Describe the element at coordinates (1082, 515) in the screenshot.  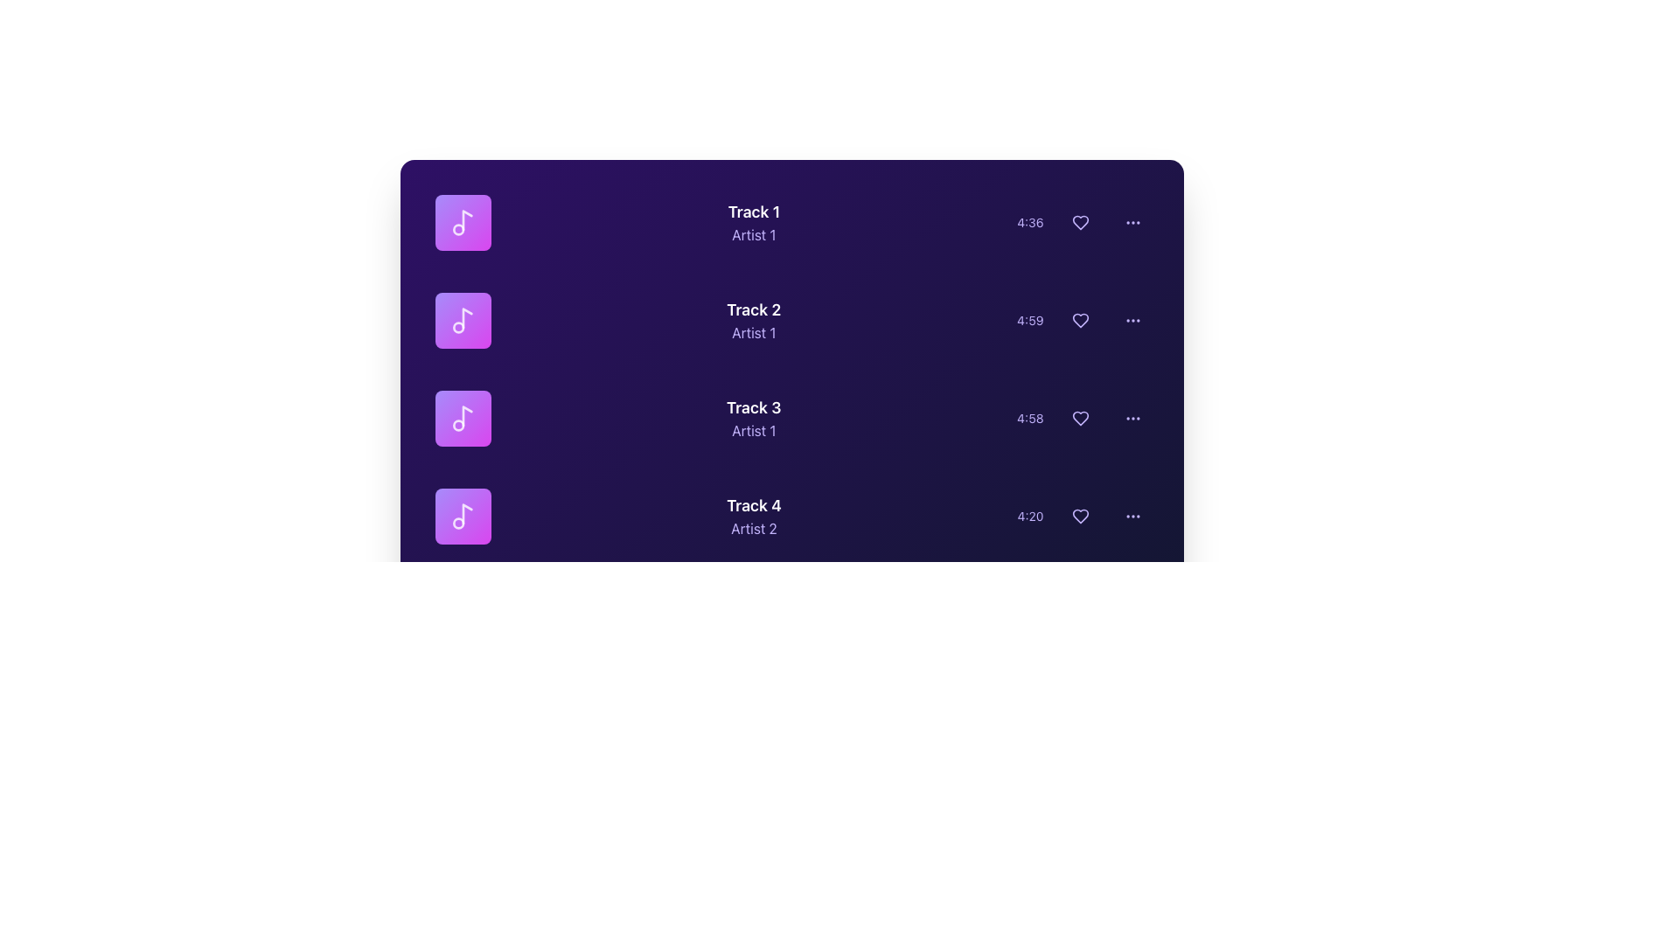
I see `the heart-shaped interactive icon located in the fourth row of the vertical list` at that location.